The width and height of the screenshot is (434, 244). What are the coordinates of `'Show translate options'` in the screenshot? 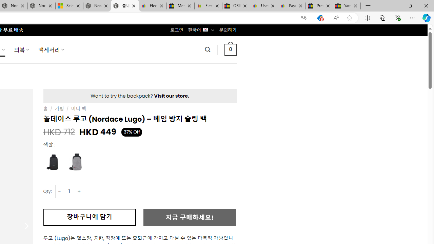 It's located at (303, 18).